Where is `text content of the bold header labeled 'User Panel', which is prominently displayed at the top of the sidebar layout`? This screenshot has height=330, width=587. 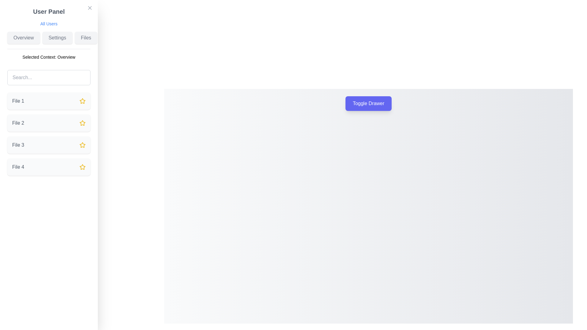
text content of the bold header labeled 'User Panel', which is prominently displayed at the top of the sidebar layout is located at coordinates (48, 12).